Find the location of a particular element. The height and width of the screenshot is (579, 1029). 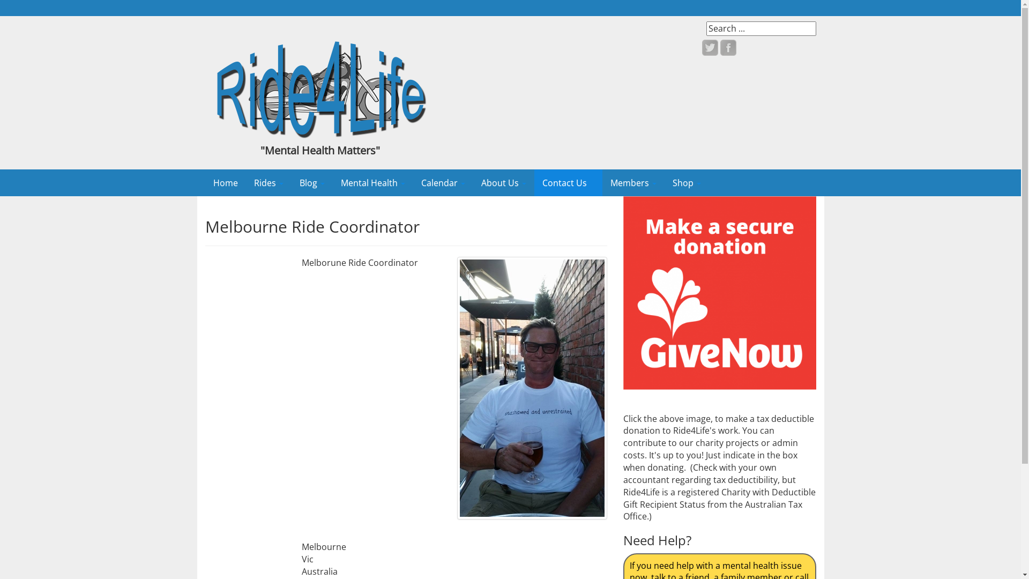

'About Us' is located at coordinates (503, 182).